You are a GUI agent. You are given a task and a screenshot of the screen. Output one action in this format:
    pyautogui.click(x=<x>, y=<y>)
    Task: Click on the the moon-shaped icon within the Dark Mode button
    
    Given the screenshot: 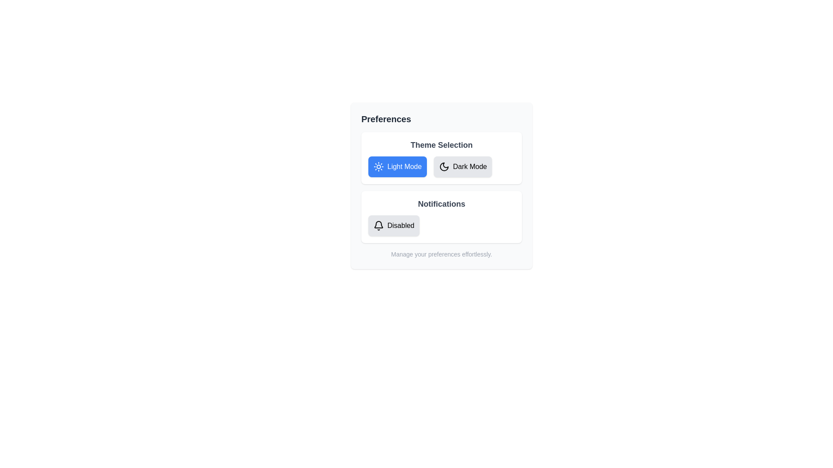 What is the action you would take?
    pyautogui.click(x=444, y=167)
    